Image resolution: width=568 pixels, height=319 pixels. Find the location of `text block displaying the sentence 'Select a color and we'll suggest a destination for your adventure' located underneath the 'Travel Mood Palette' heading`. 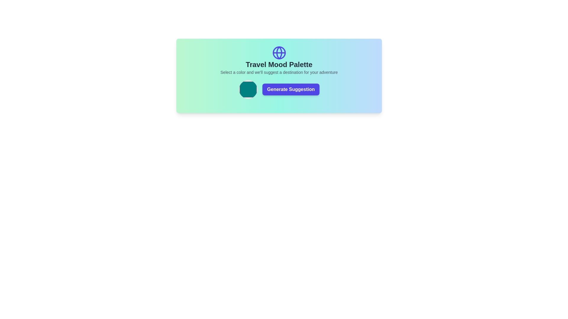

text block displaying the sentence 'Select a color and we'll suggest a destination for your adventure' located underneath the 'Travel Mood Palette' heading is located at coordinates (279, 72).